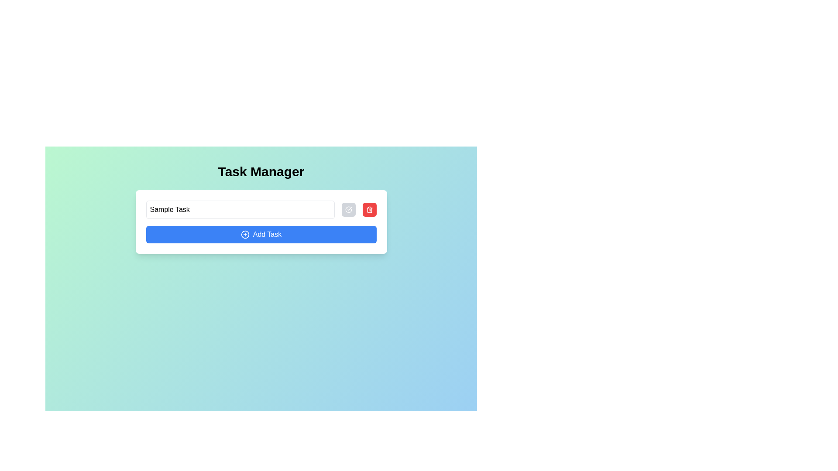 The width and height of the screenshot is (838, 471). Describe the element at coordinates (348, 210) in the screenshot. I see `the confirmation button located to the right of the 'Sample Task' text input field to change its background color` at that location.